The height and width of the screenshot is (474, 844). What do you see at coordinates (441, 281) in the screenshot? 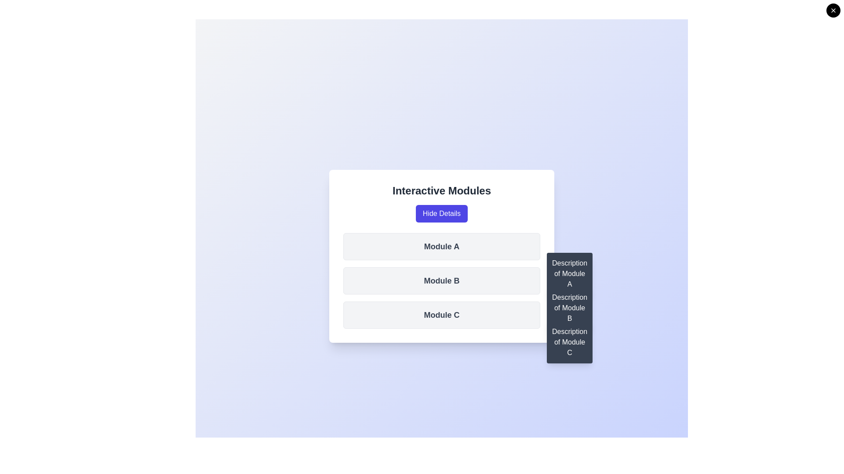
I see `text displayed in the bold 'Module B' label, which is located in the second module of three, centered horizontally and positioned between 'Module A' and 'Module C'` at bounding box center [441, 281].